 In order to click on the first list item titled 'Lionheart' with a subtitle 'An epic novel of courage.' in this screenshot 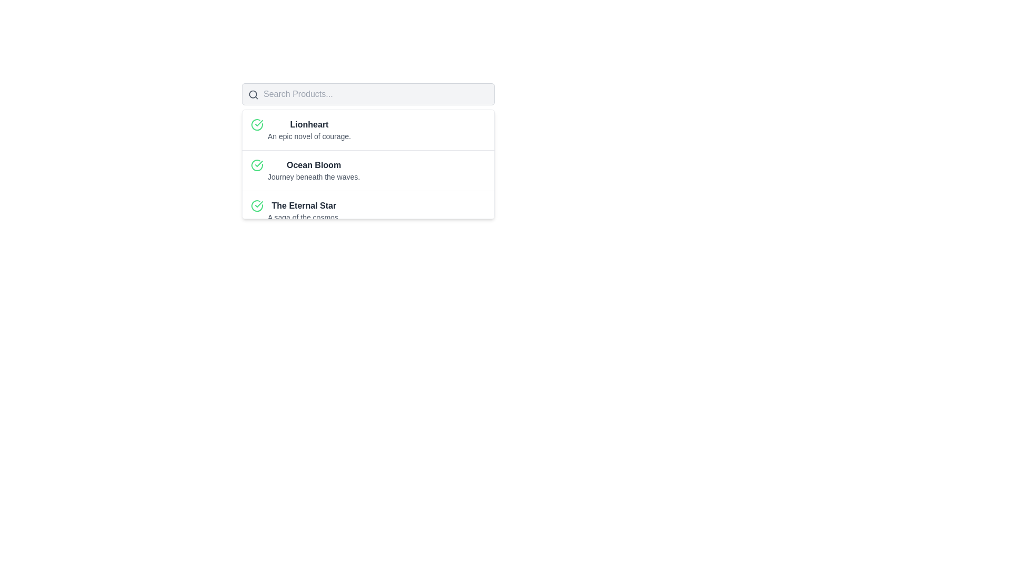, I will do `click(368, 129)`.